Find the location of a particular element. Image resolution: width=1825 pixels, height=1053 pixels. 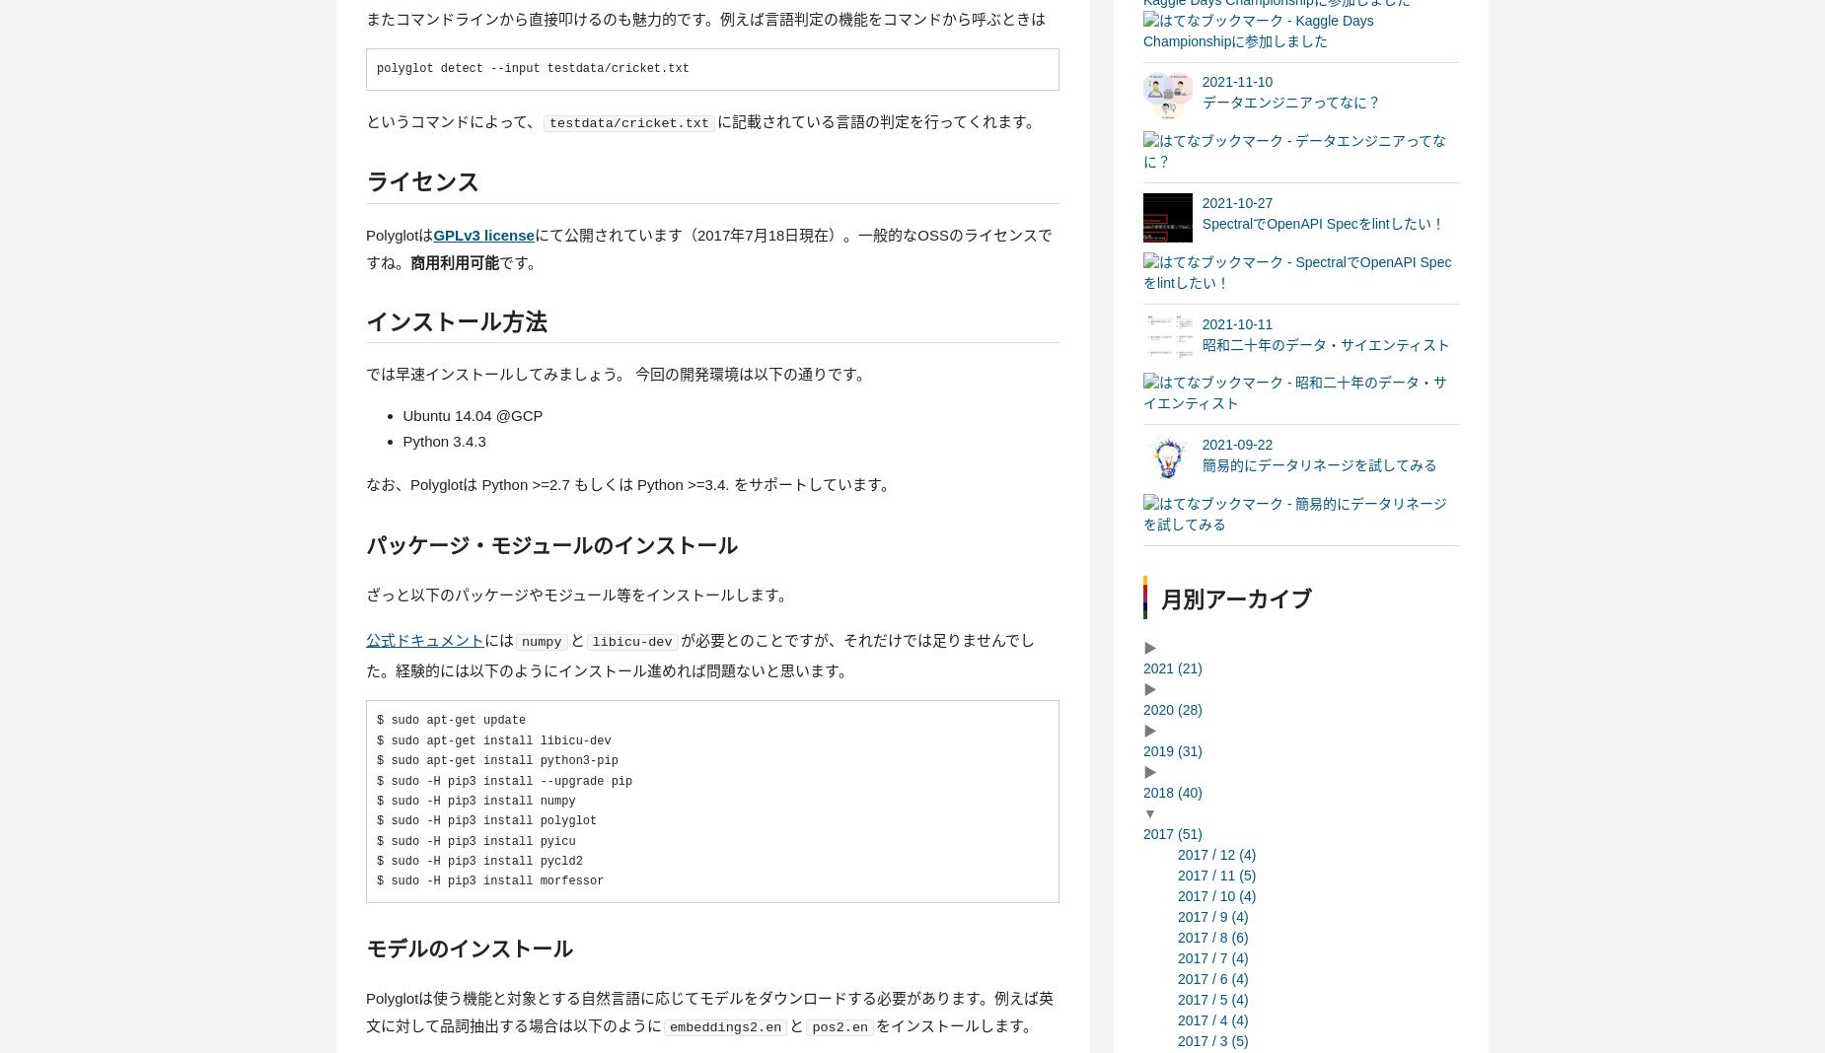

'numpy' is located at coordinates (542, 641).